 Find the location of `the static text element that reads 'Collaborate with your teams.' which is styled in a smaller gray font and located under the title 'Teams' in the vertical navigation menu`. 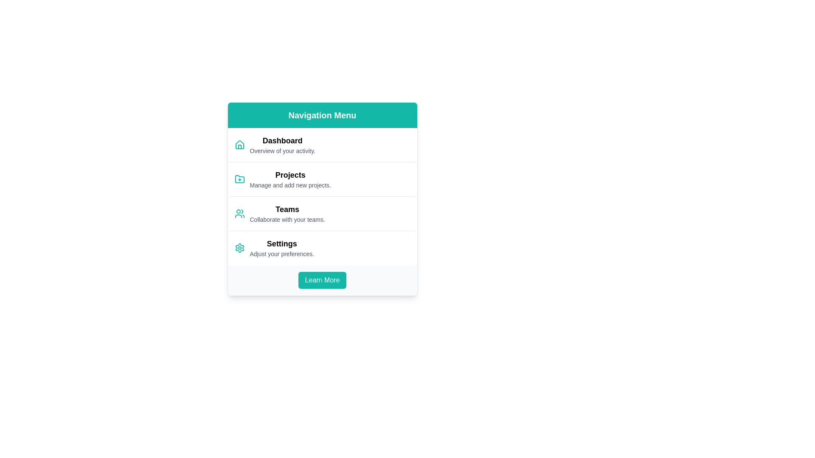

the static text element that reads 'Collaborate with your teams.' which is styled in a smaller gray font and located under the title 'Teams' in the vertical navigation menu is located at coordinates (287, 219).